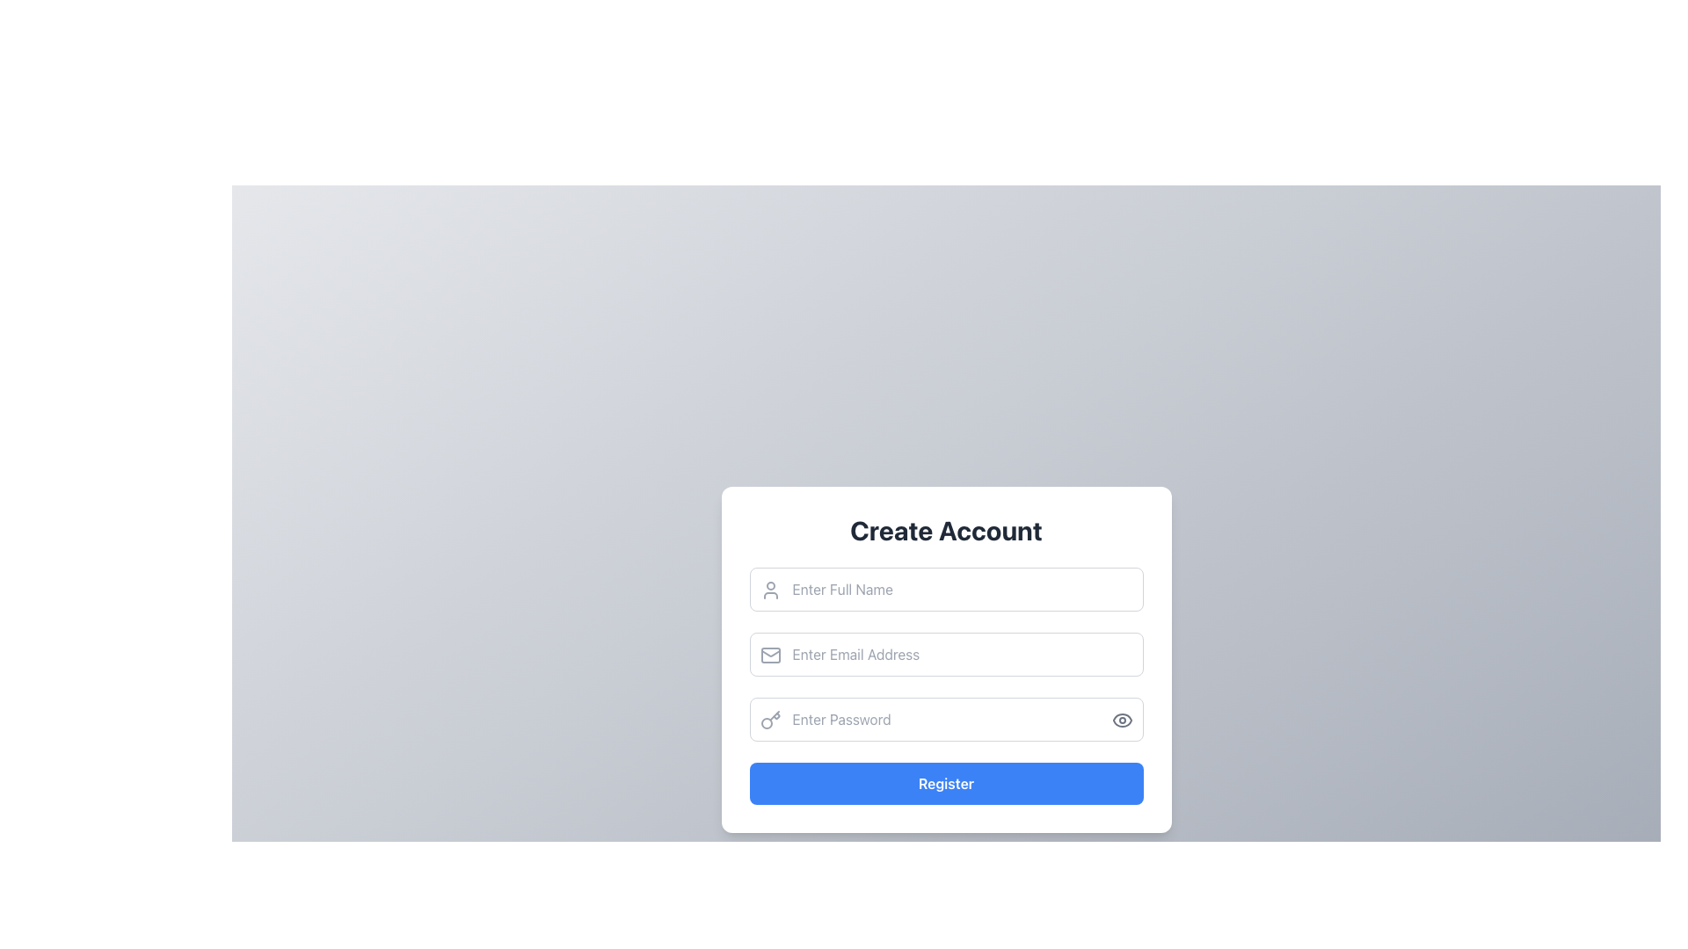 The width and height of the screenshot is (1688, 949). Describe the element at coordinates (945, 719) in the screenshot. I see `the Password Input Field, which is the third input field in the 'Create Account' form, to focus on it for password entry` at that location.